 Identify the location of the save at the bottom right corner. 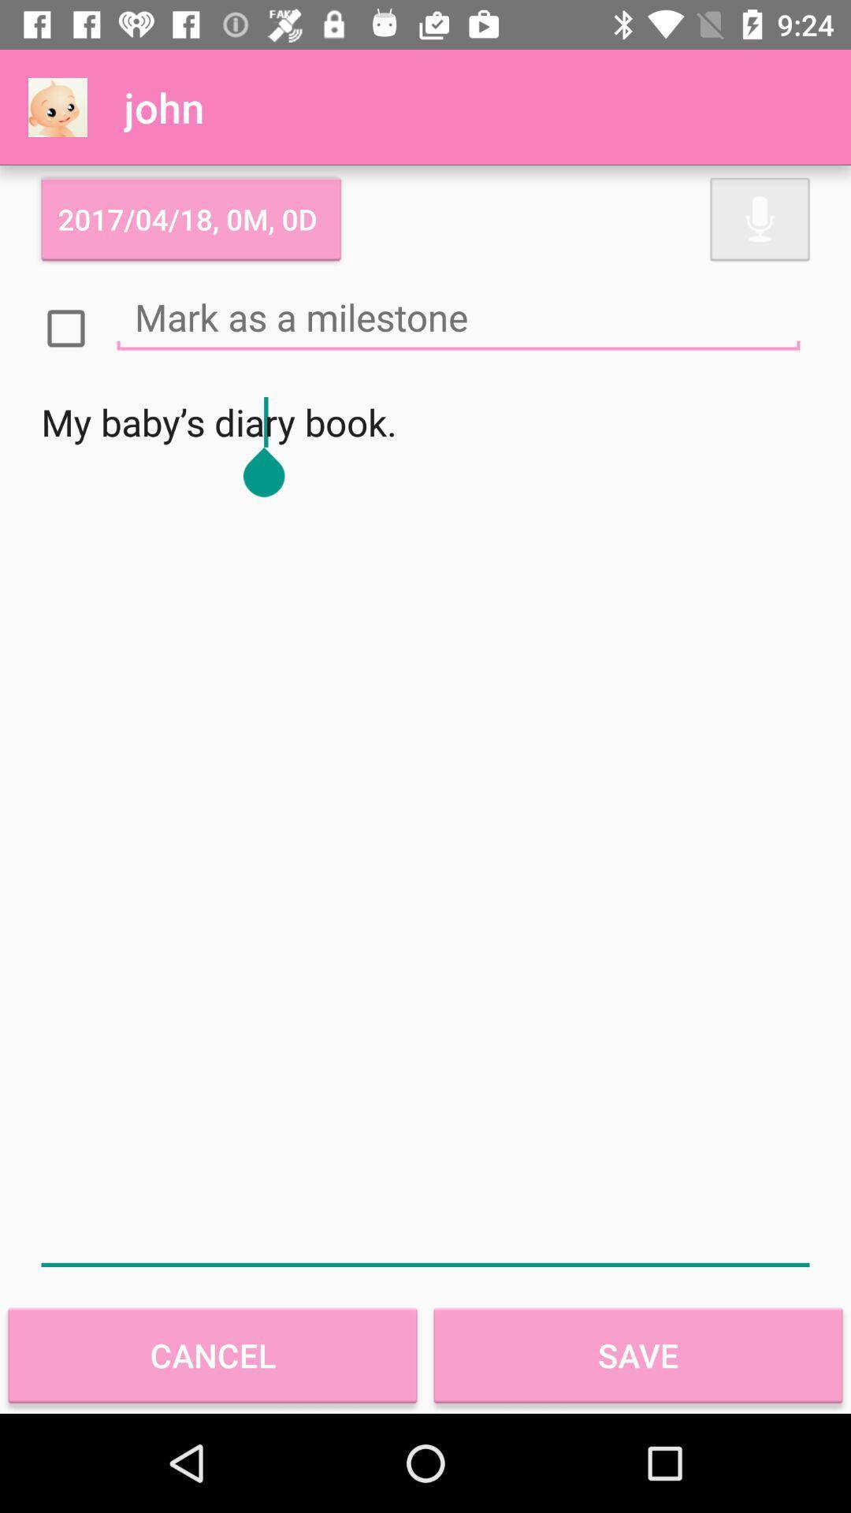
(638, 1355).